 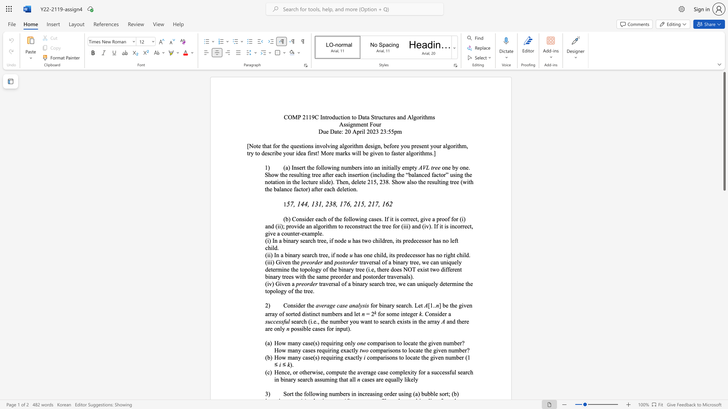 What do you see at coordinates (724, 216) in the screenshot?
I see `the scrollbar on the right to move the page downward` at bounding box center [724, 216].